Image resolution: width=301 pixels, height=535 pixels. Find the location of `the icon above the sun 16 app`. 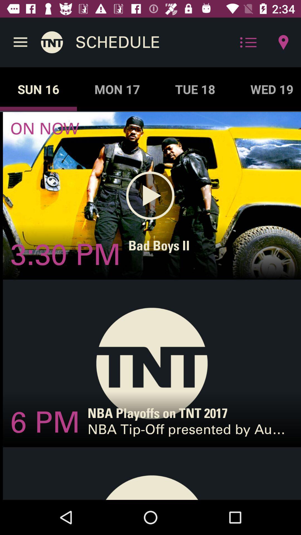

the icon above the sun 16 app is located at coordinates (52, 42).